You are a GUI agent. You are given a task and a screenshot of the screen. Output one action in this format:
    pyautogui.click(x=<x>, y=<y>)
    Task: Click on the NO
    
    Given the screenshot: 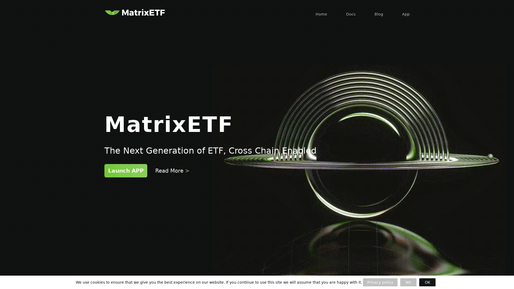 What is the action you would take?
    pyautogui.click(x=408, y=282)
    